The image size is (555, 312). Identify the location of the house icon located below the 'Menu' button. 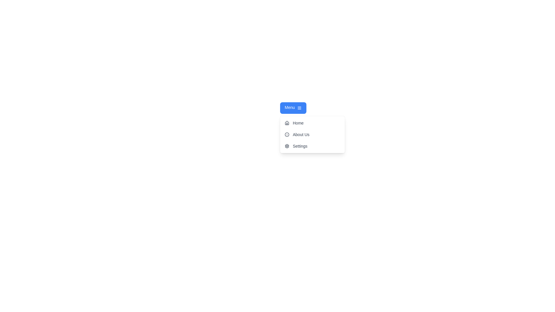
(287, 122).